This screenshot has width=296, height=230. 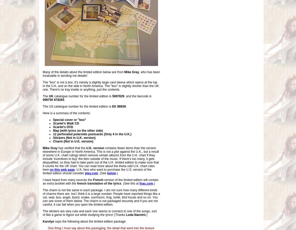 I want to click on '099750 878293', so click(x=53, y=100).